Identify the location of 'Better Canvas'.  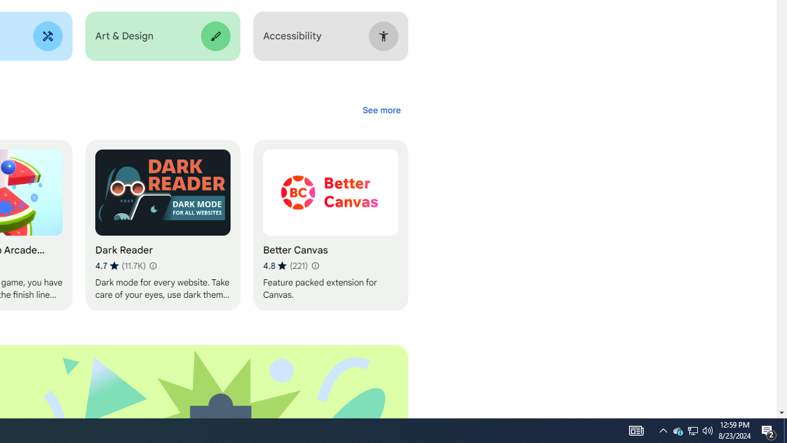
(330, 225).